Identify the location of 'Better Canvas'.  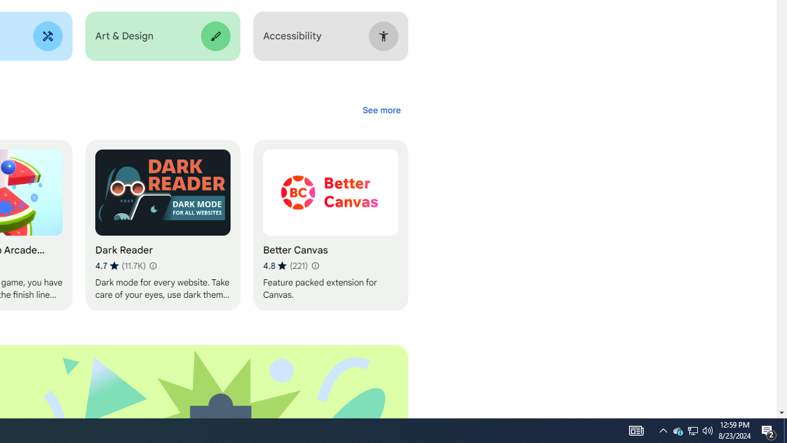
(330, 225).